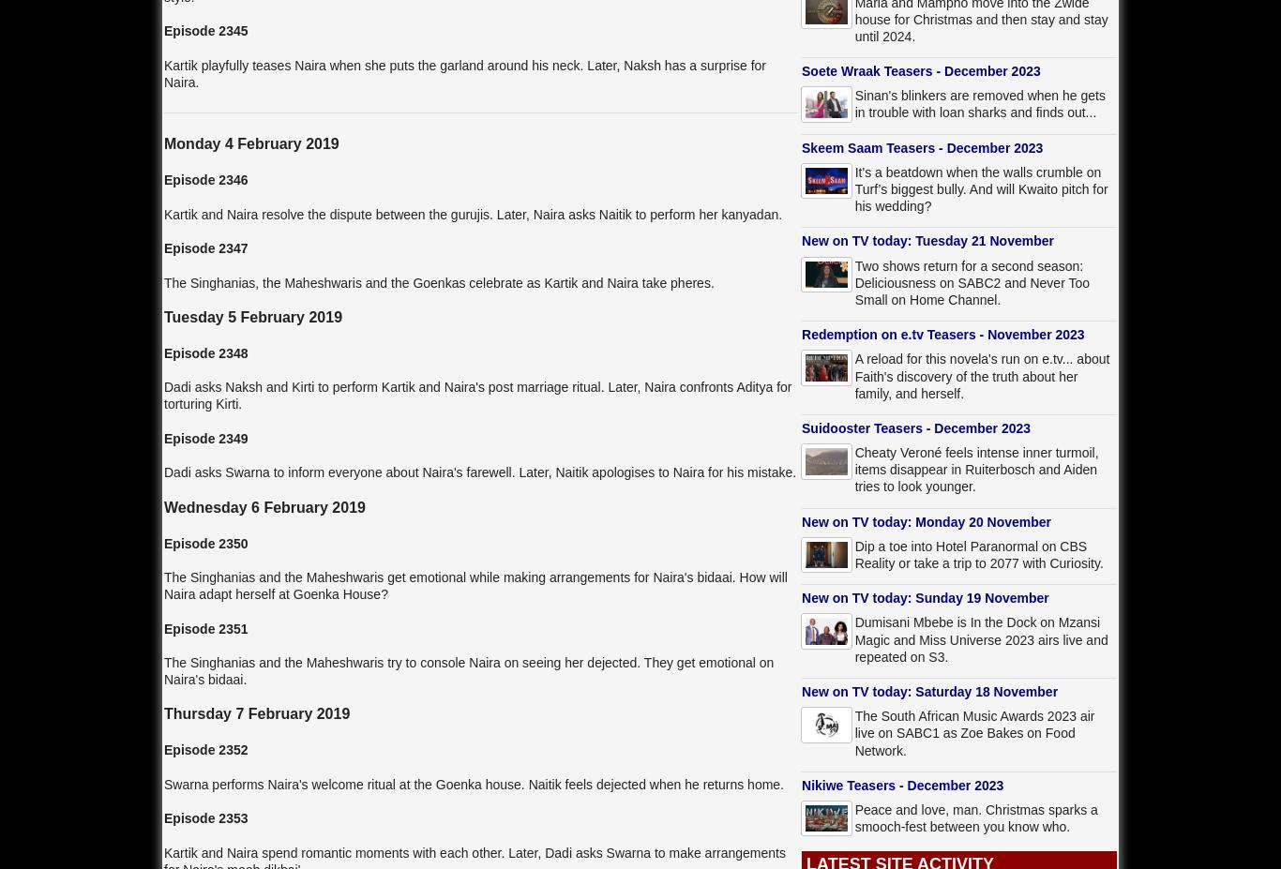 The height and width of the screenshot is (869, 1281). I want to click on 'The Singhanias and the Maheshwaris get emotional while making arrangements for Naira's bidaai. How will Naira adapt herself at Goenka House?', so click(475, 584).